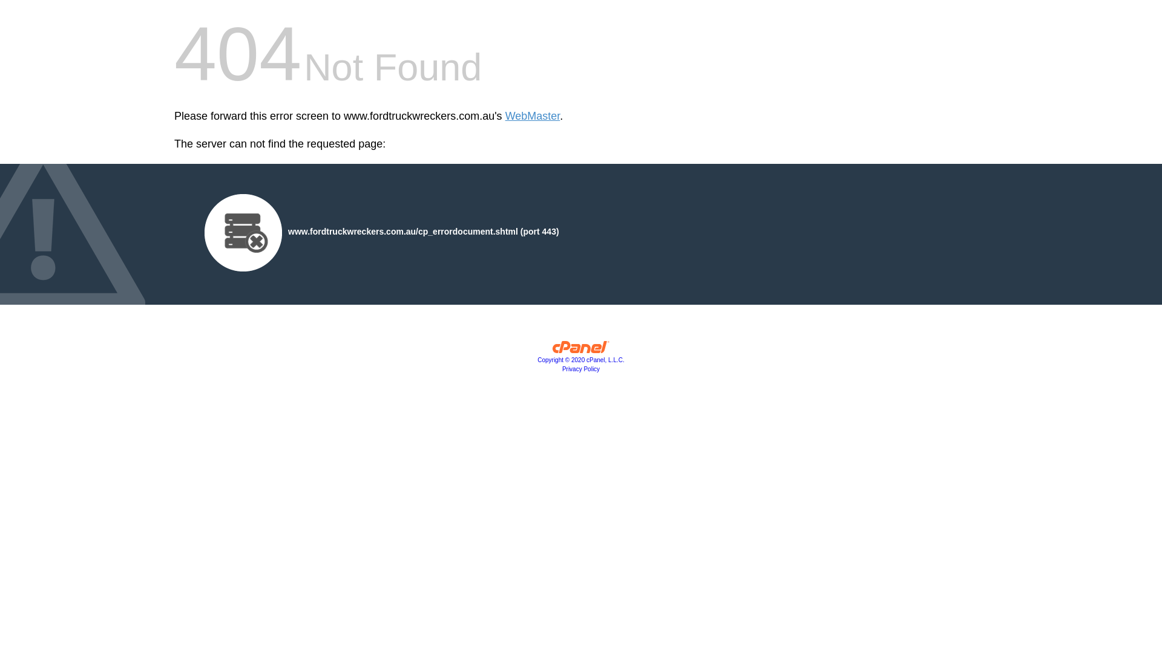 The image size is (1162, 653). What do you see at coordinates (551, 349) in the screenshot?
I see `'cPanel, Inc.'` at bounding box center [551, 349].